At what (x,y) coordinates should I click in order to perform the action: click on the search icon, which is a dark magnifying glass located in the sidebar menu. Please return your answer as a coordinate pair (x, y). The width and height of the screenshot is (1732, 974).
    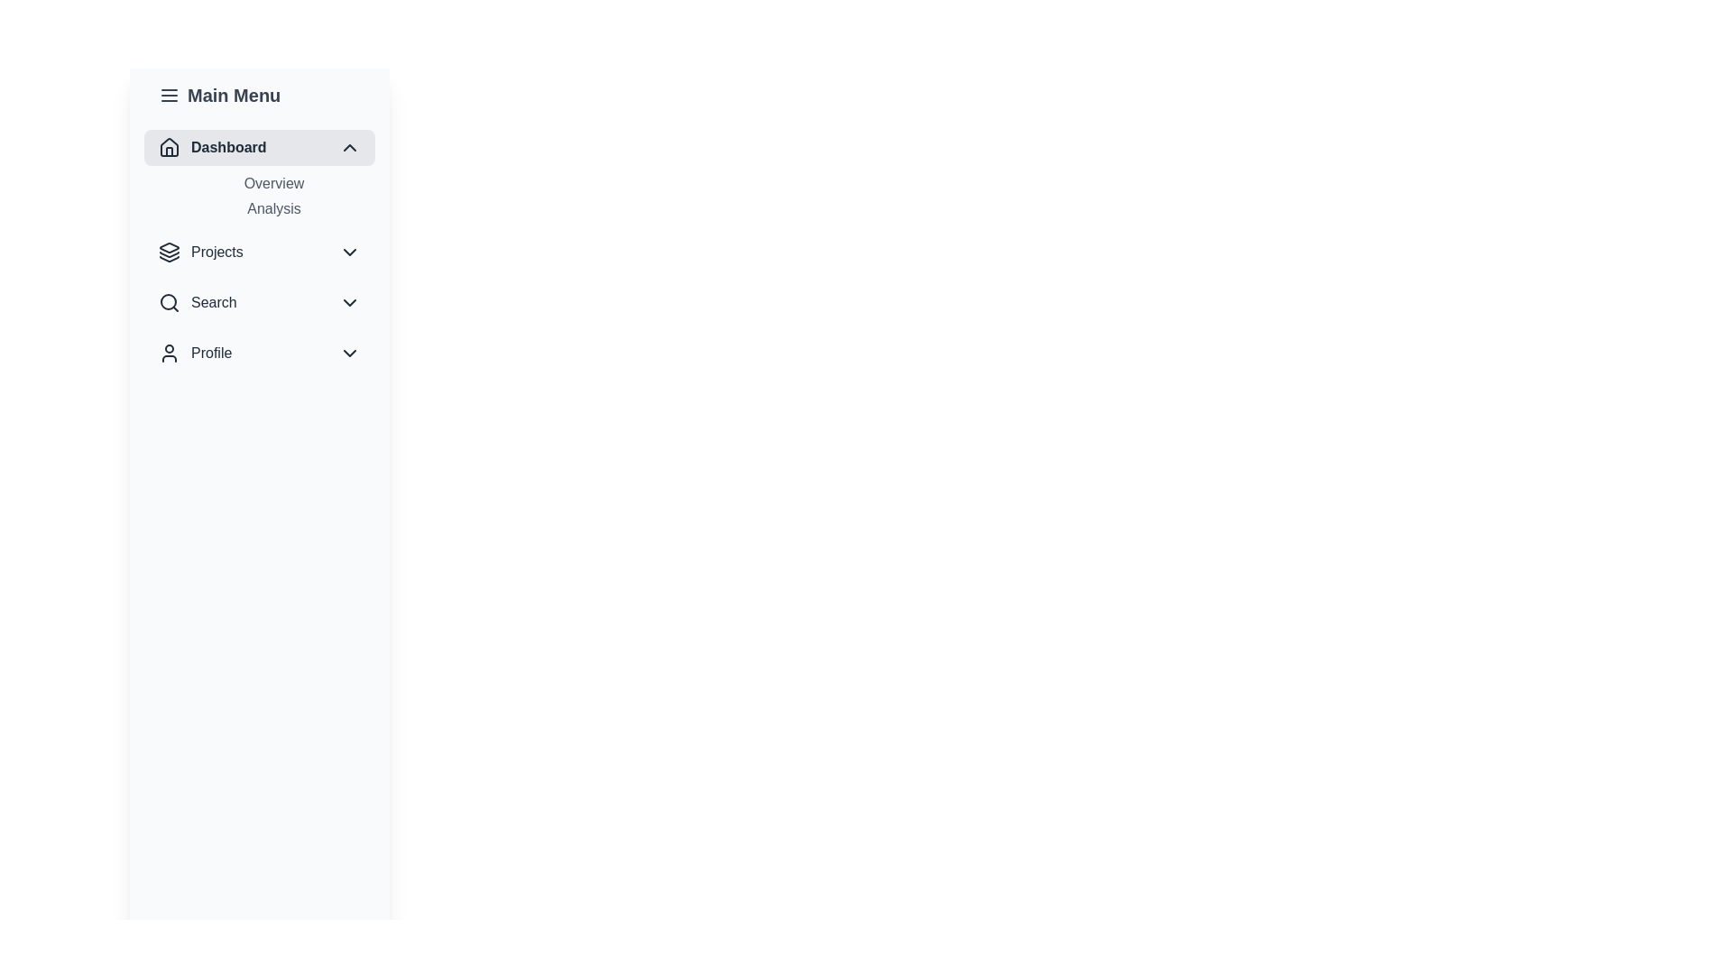
    Looking at the image, I should click on (169, 301).